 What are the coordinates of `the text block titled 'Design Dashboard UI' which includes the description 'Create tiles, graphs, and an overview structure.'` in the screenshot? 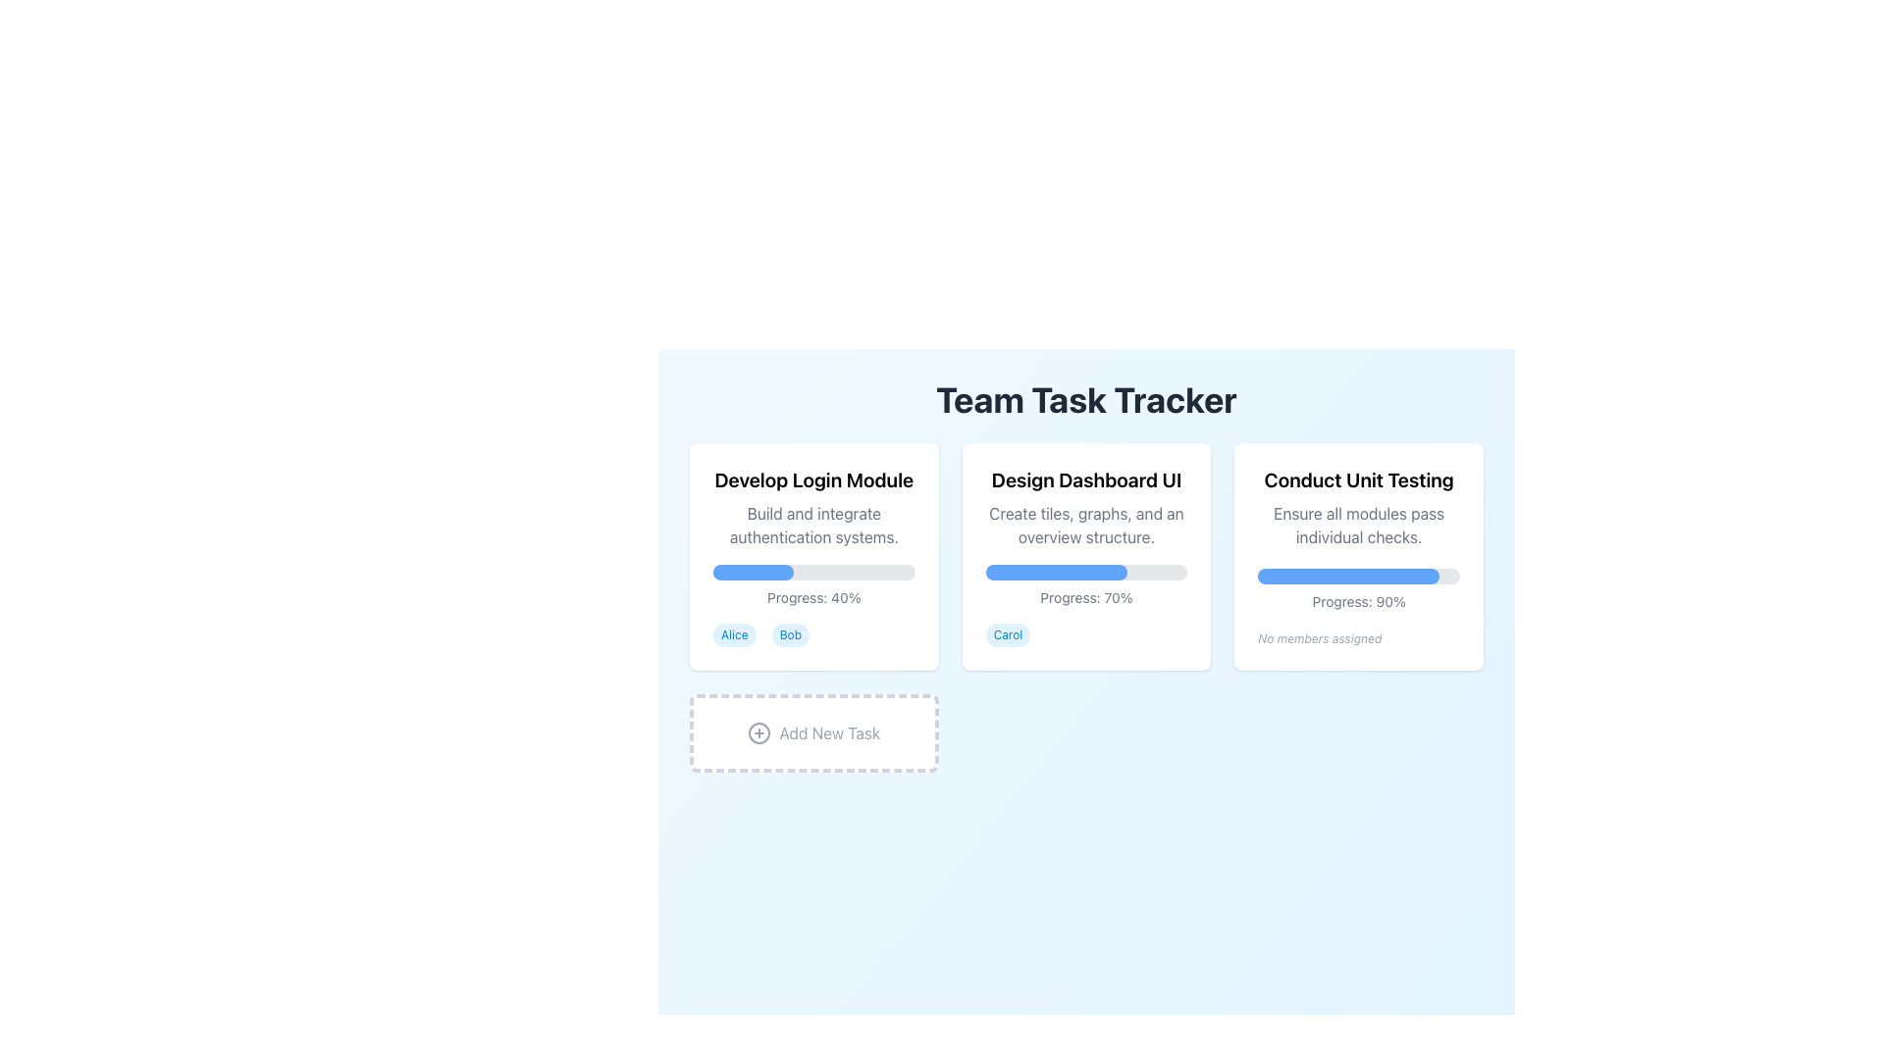 It's located at (1085, 514).